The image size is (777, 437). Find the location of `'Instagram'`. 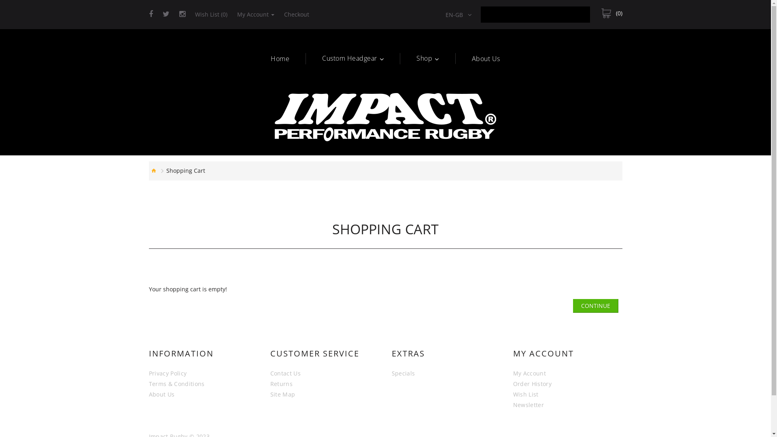

'Instagram' is located at coordinates (181, 14).